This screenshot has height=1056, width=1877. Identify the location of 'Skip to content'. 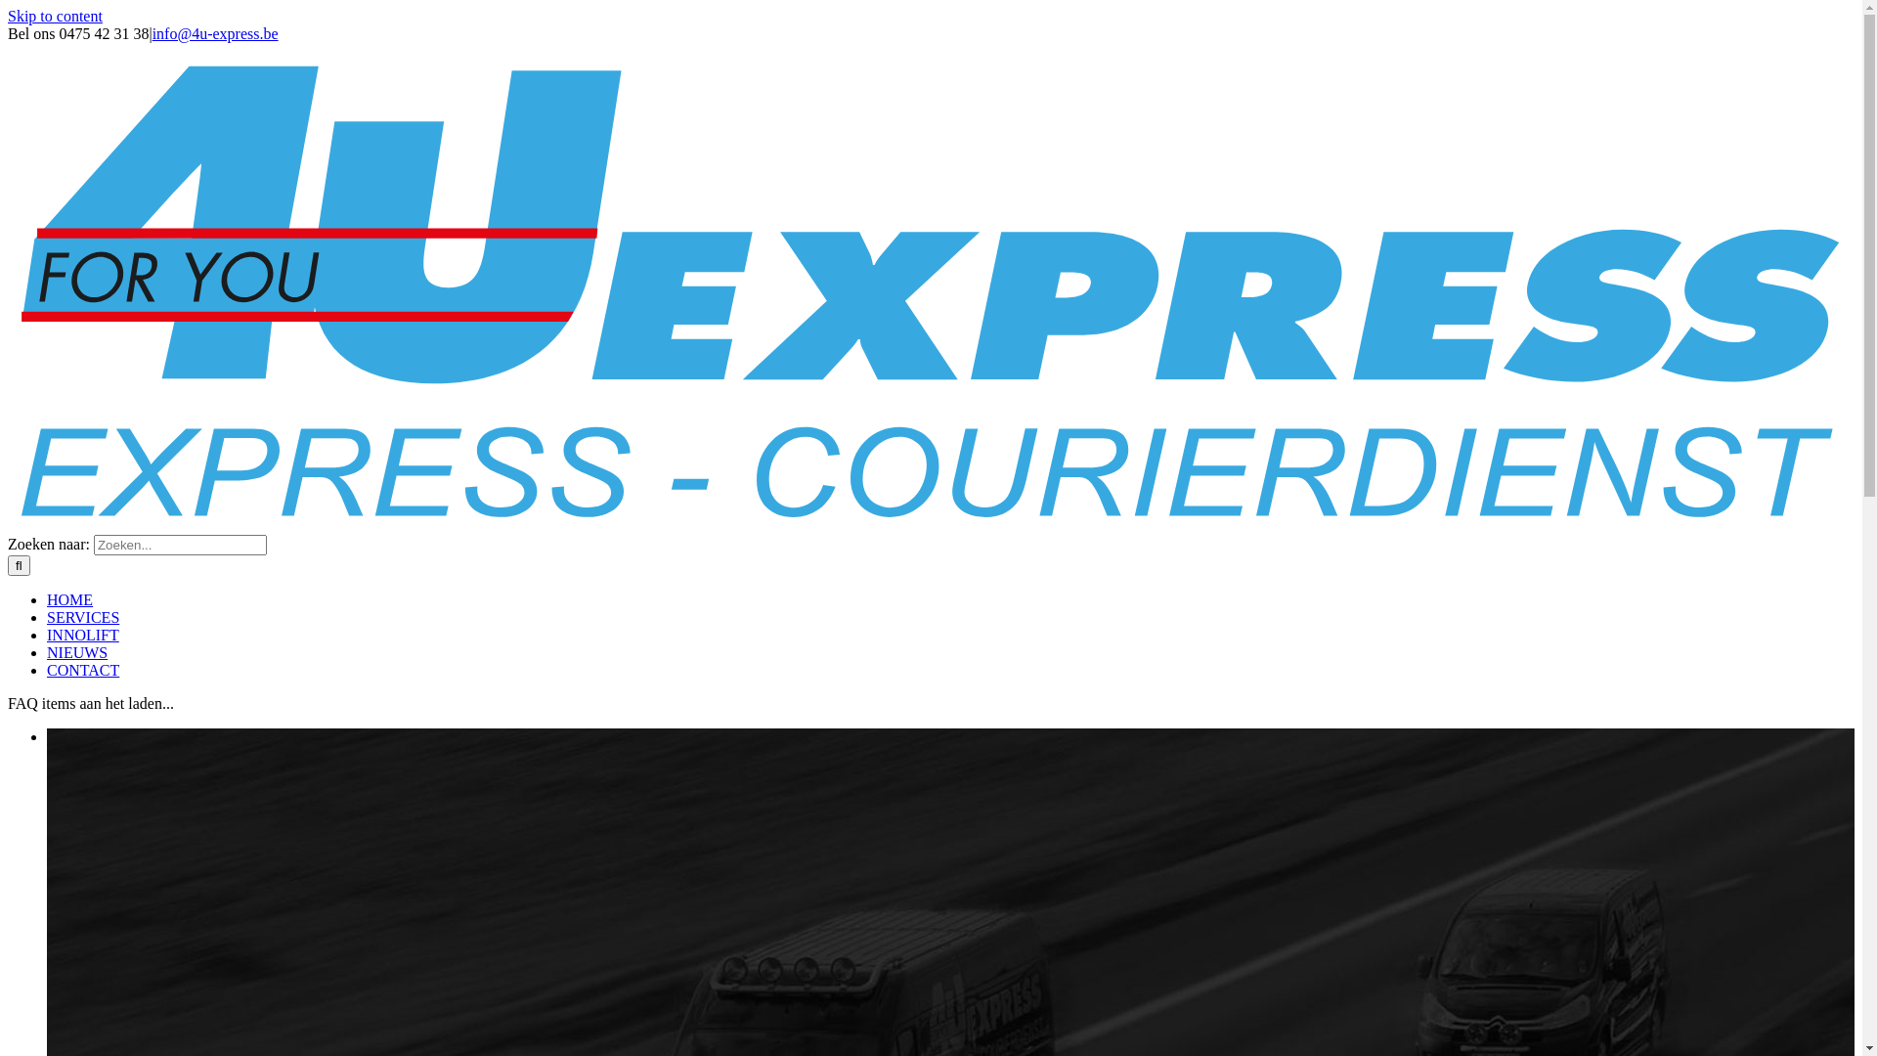
(8, 16).